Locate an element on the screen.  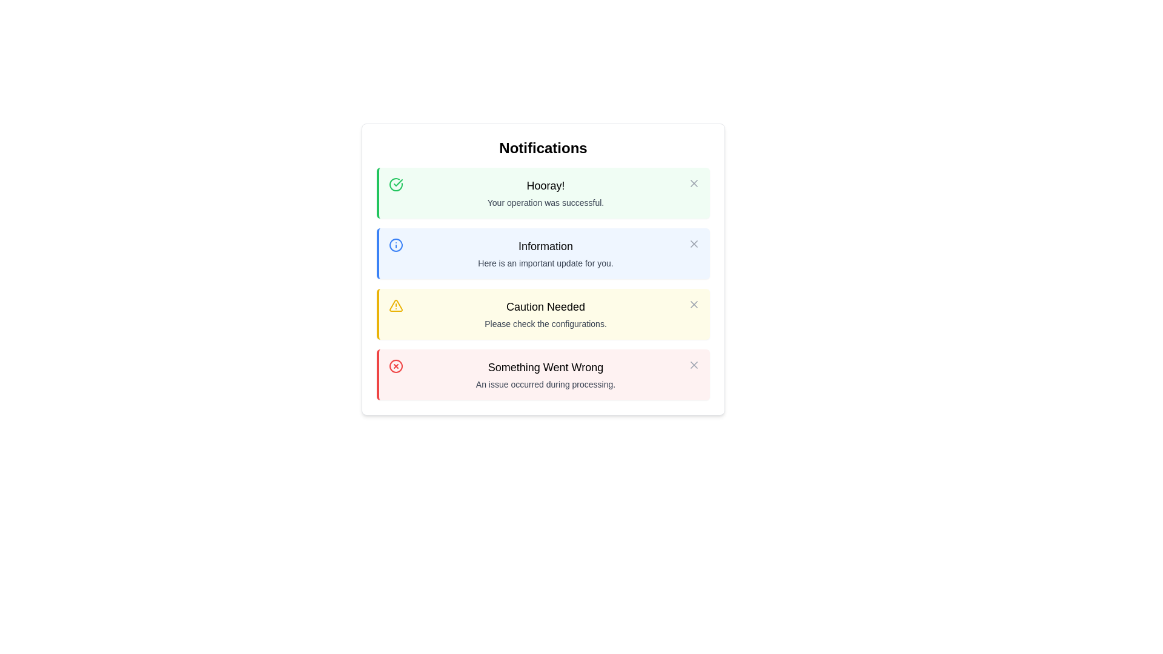
the second notification card, located between the 'Hooray!' and 'Caution Needed' cards in the notification panel is located at coordinates (543, 268).